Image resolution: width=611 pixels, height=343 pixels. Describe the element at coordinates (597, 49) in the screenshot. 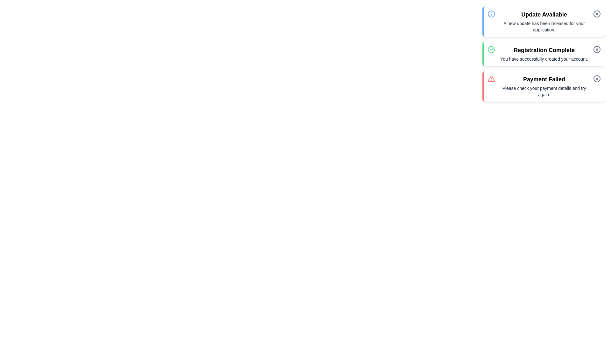

I see `the dismiss button located at the top-right corner of the notification card labeled 'Registration Complete'` at that location.